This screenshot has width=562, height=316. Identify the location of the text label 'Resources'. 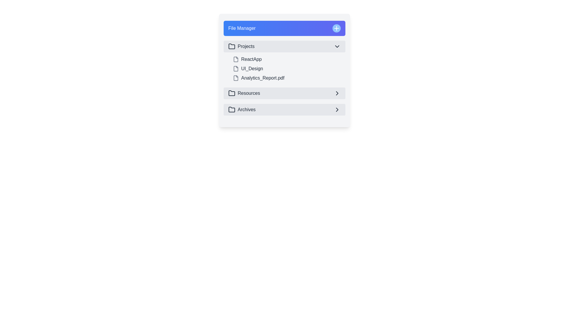
(249, 93).